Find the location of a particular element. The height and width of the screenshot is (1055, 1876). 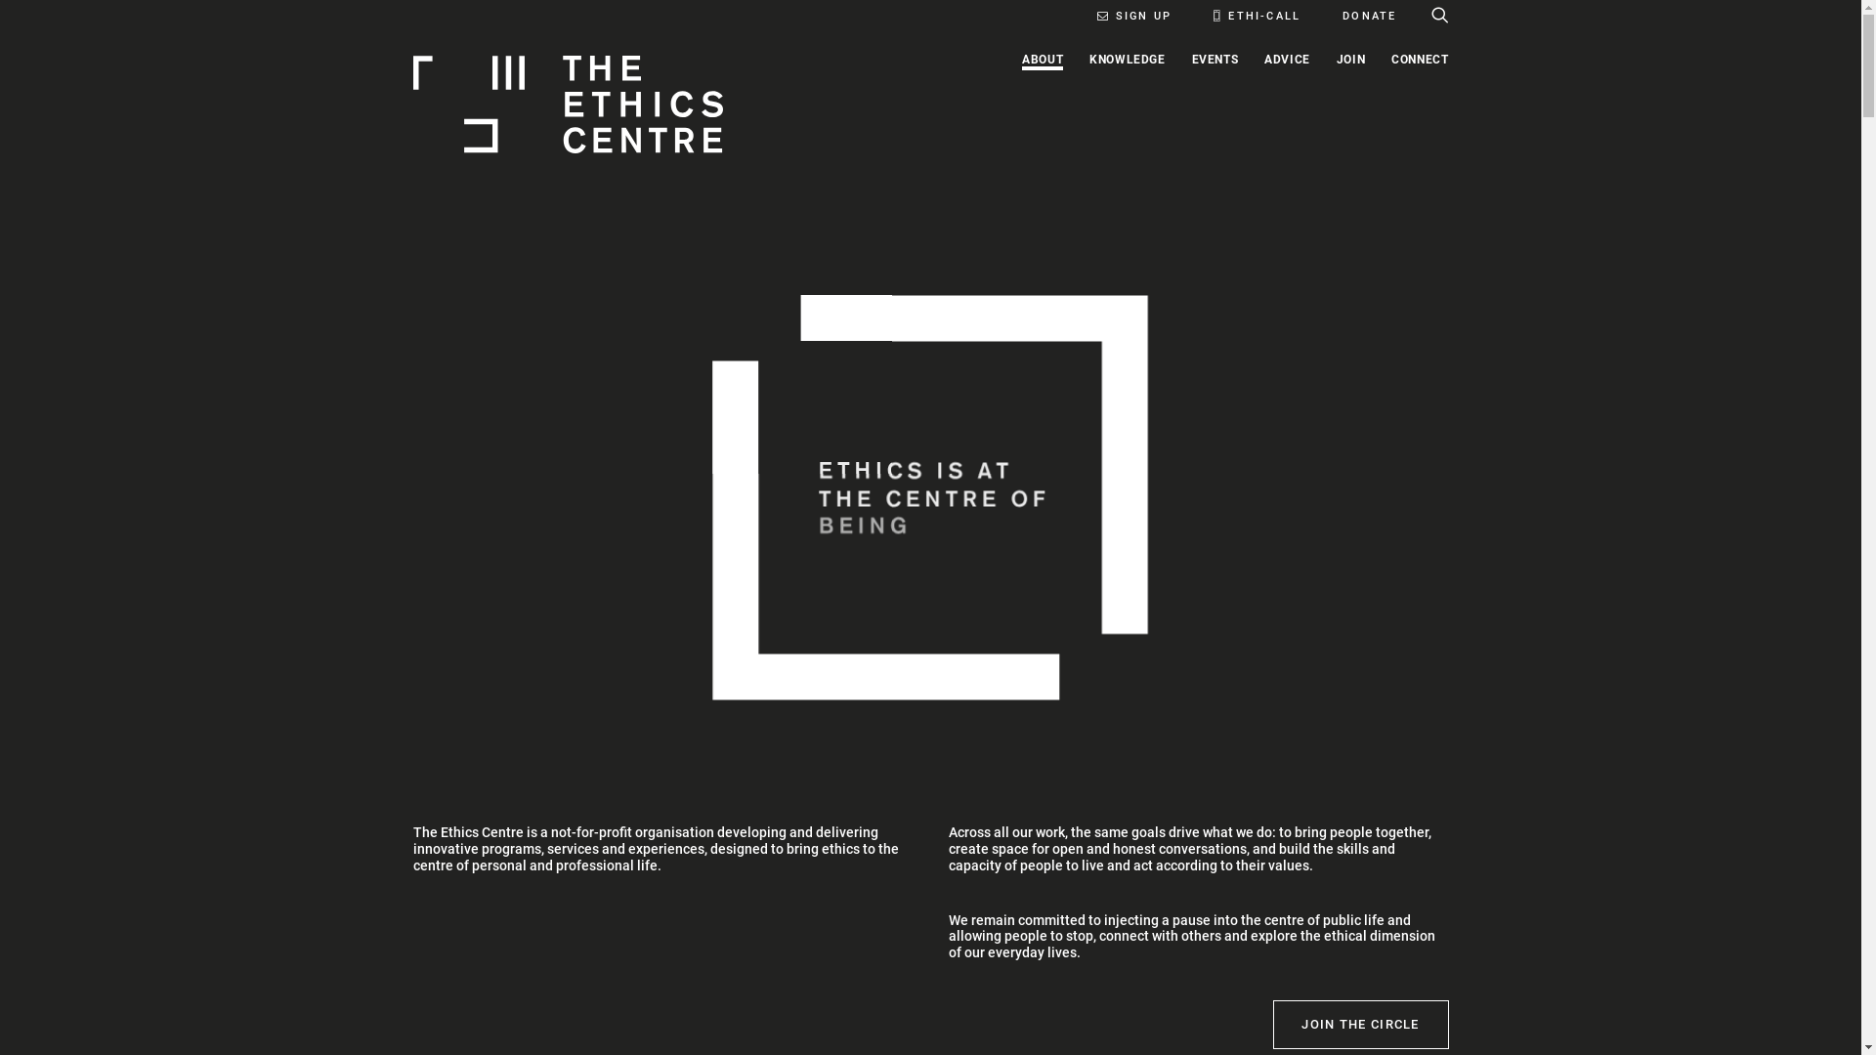

'EVENTS' is located at coordinates (1214, 105).